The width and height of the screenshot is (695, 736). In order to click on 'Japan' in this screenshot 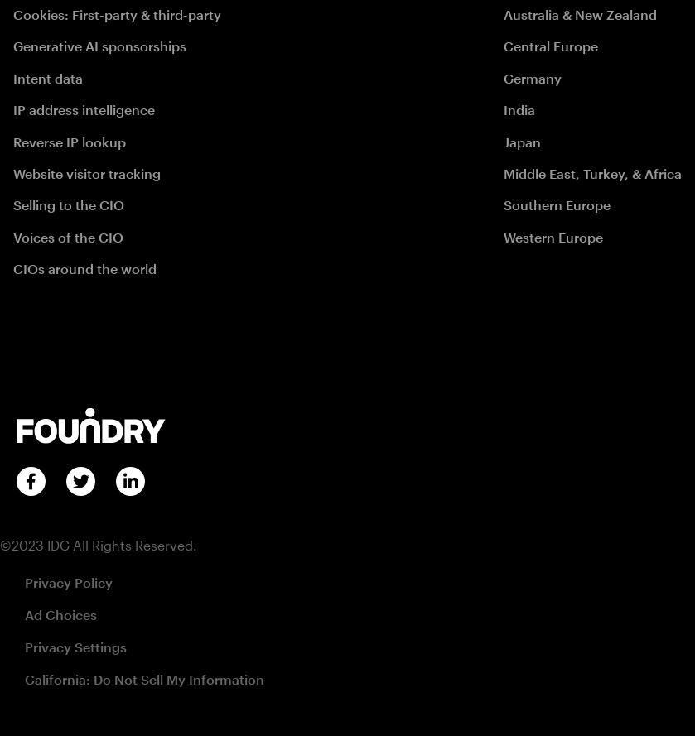, I will do `click(521, 141)`.